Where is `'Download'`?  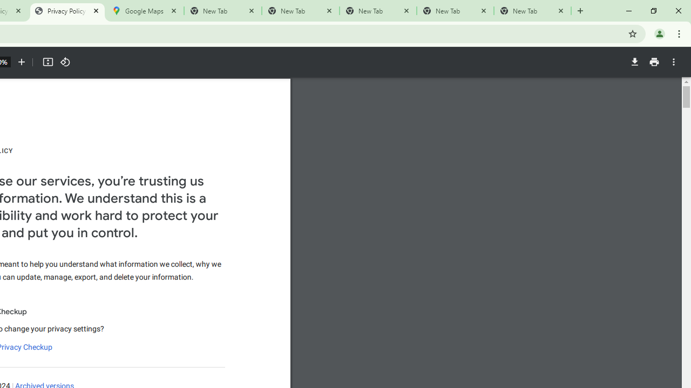
'Download' is located at coordinates (634, 62).